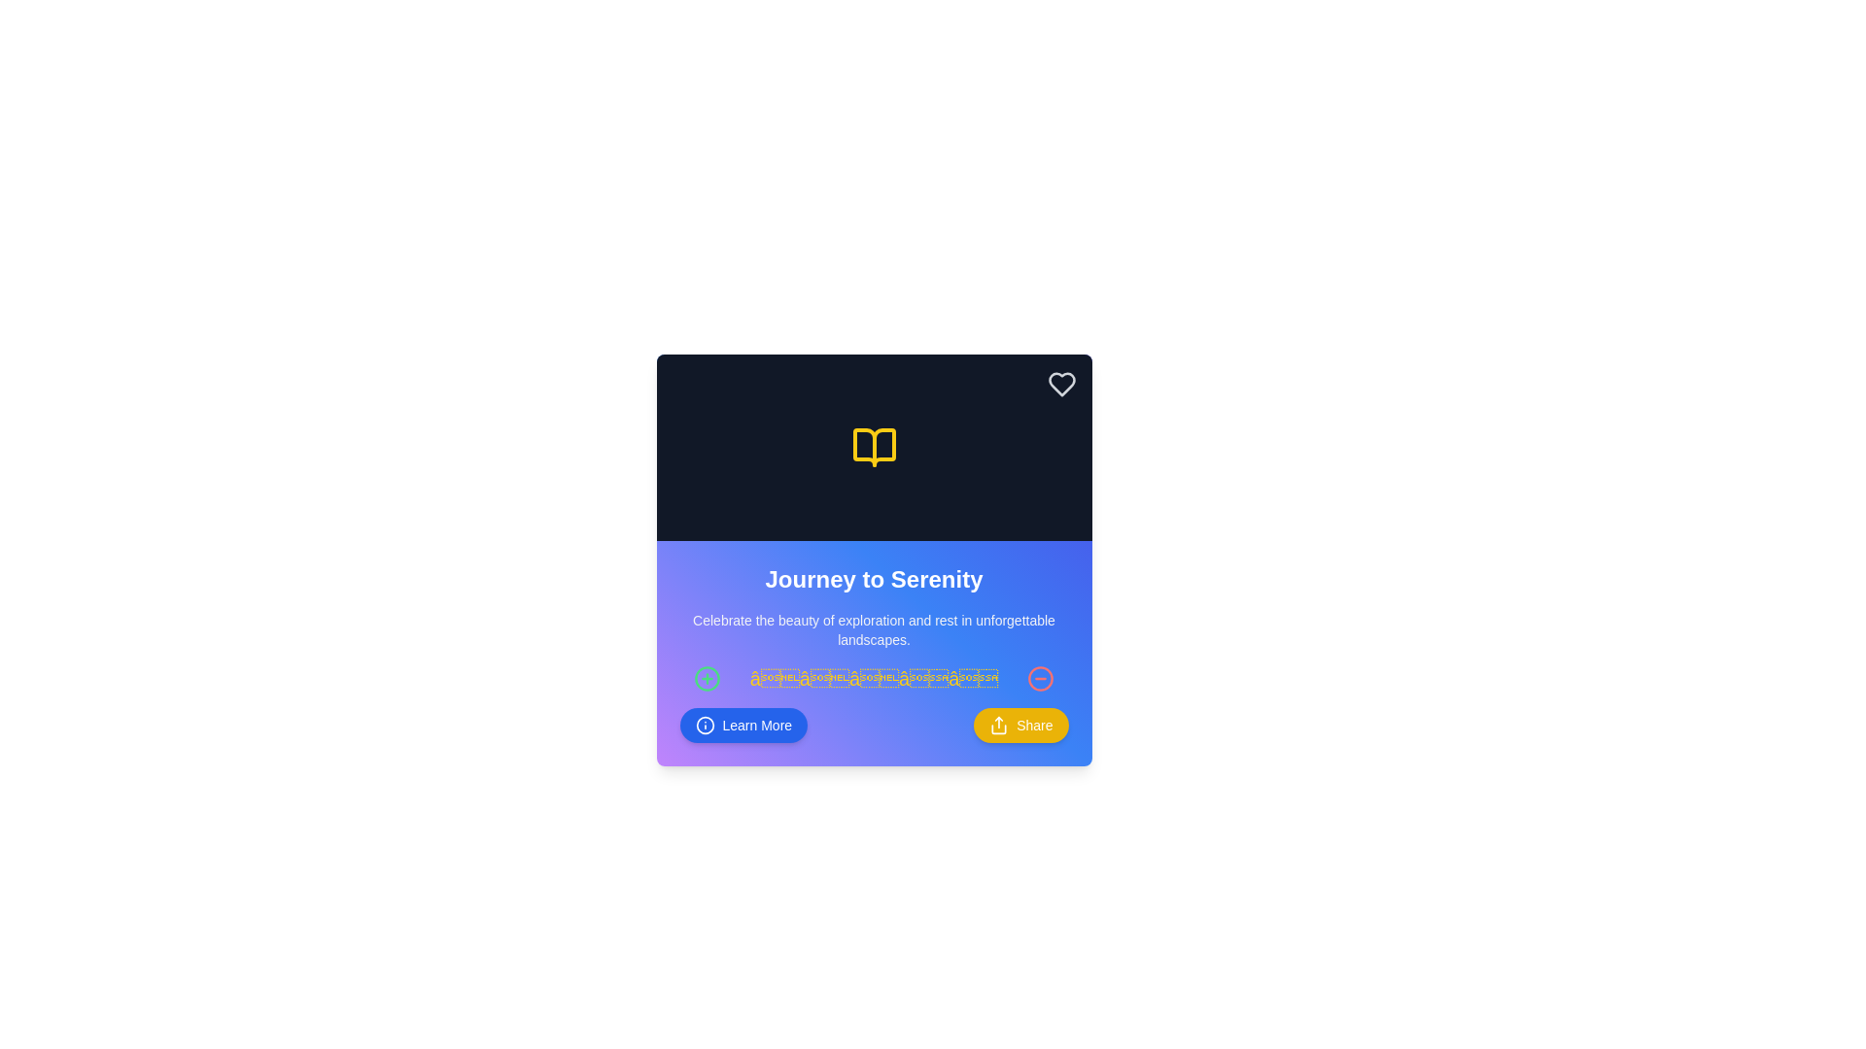  What do you see at coordinates (707, 677) in the screenshot?
I see `the left circular graphical component in an interactive icon group at the bottom left of the card layout` at bounding box center [707, 677].